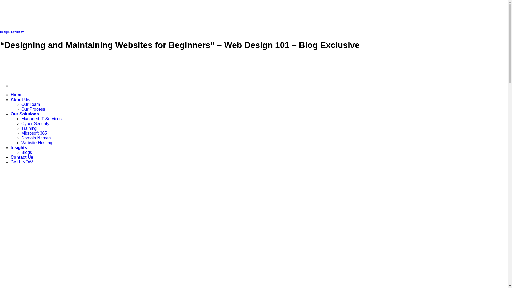 The image size is (512, 288). What do you see at coordinates (34, 133) in the screenshot?
I see `'Microsoft 365'` at bounding box center [34, 133].